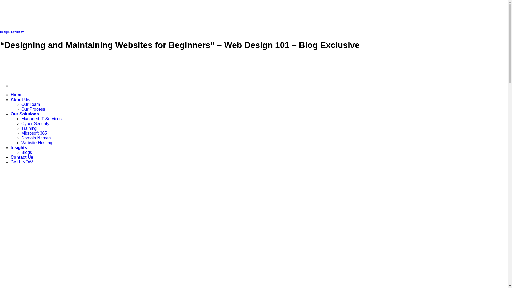 The image size is (512, 288). What do you see at coordinates (34, 133) in the screenshot?
I see `'Microsoft 365'` at bounding box center [34, 133].